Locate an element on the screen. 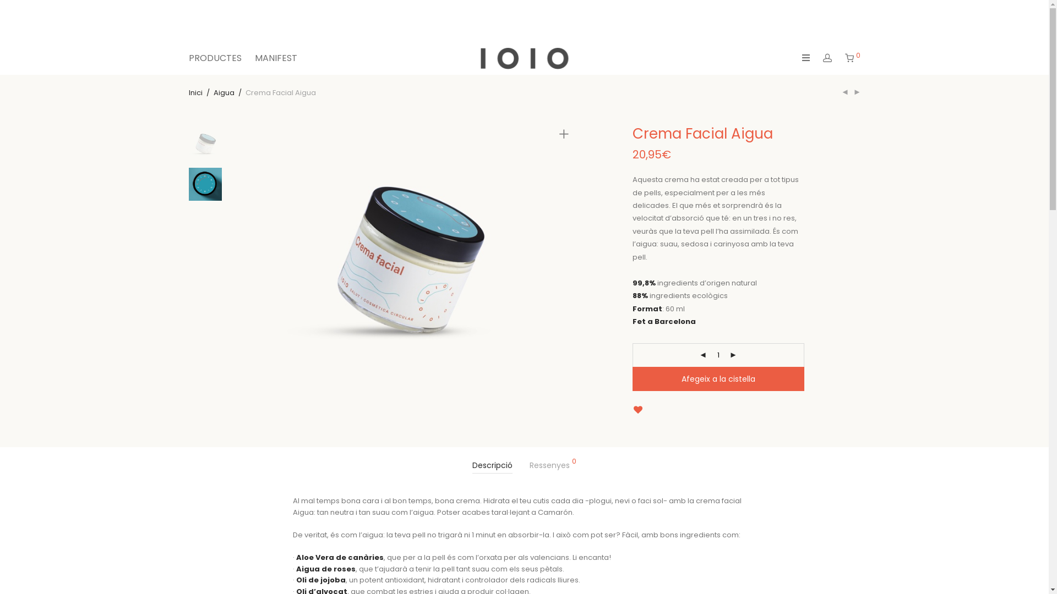  'Aigua' is located at coordinates (224, 92).